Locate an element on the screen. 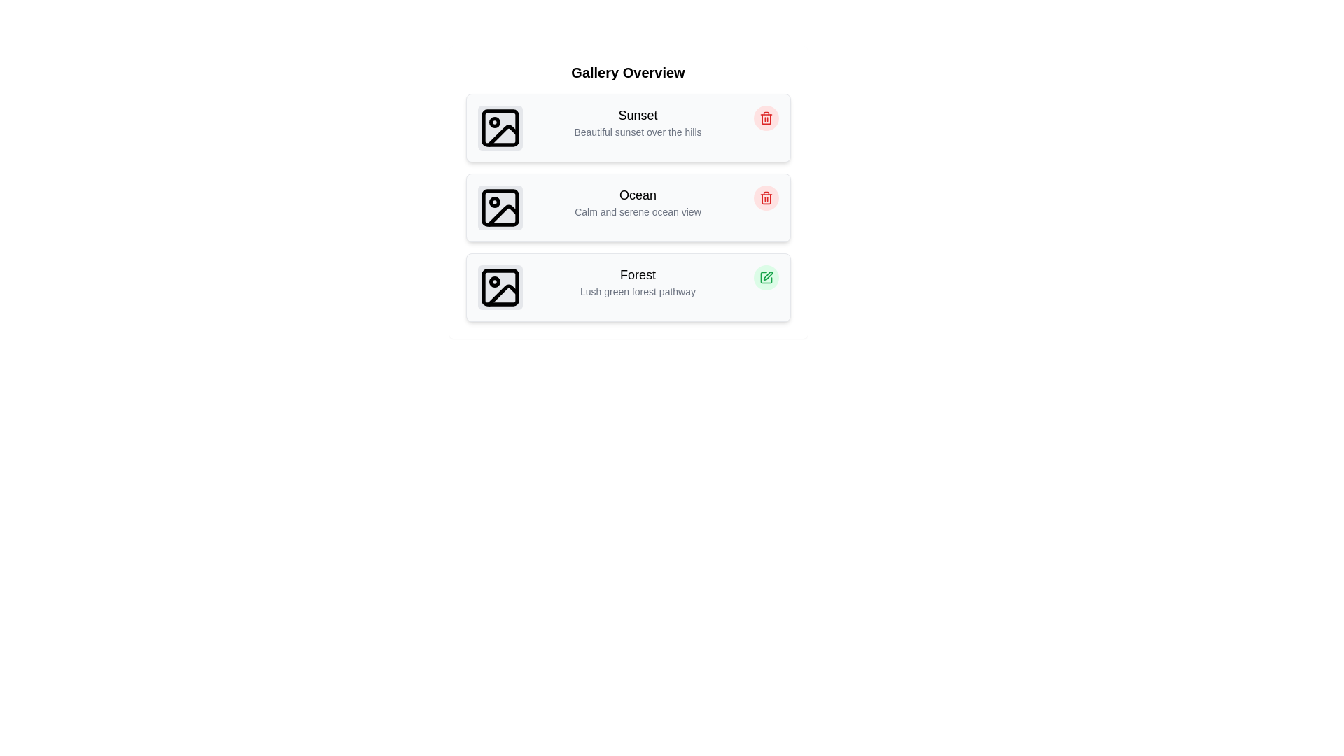 The width and height of the screenshot is (1344, 756). the state indicator of the item Ocean is located at coordinates (765, 197).